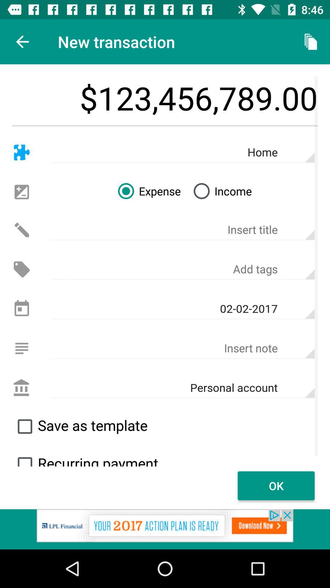  I want to click on tags, so click(182, 269).